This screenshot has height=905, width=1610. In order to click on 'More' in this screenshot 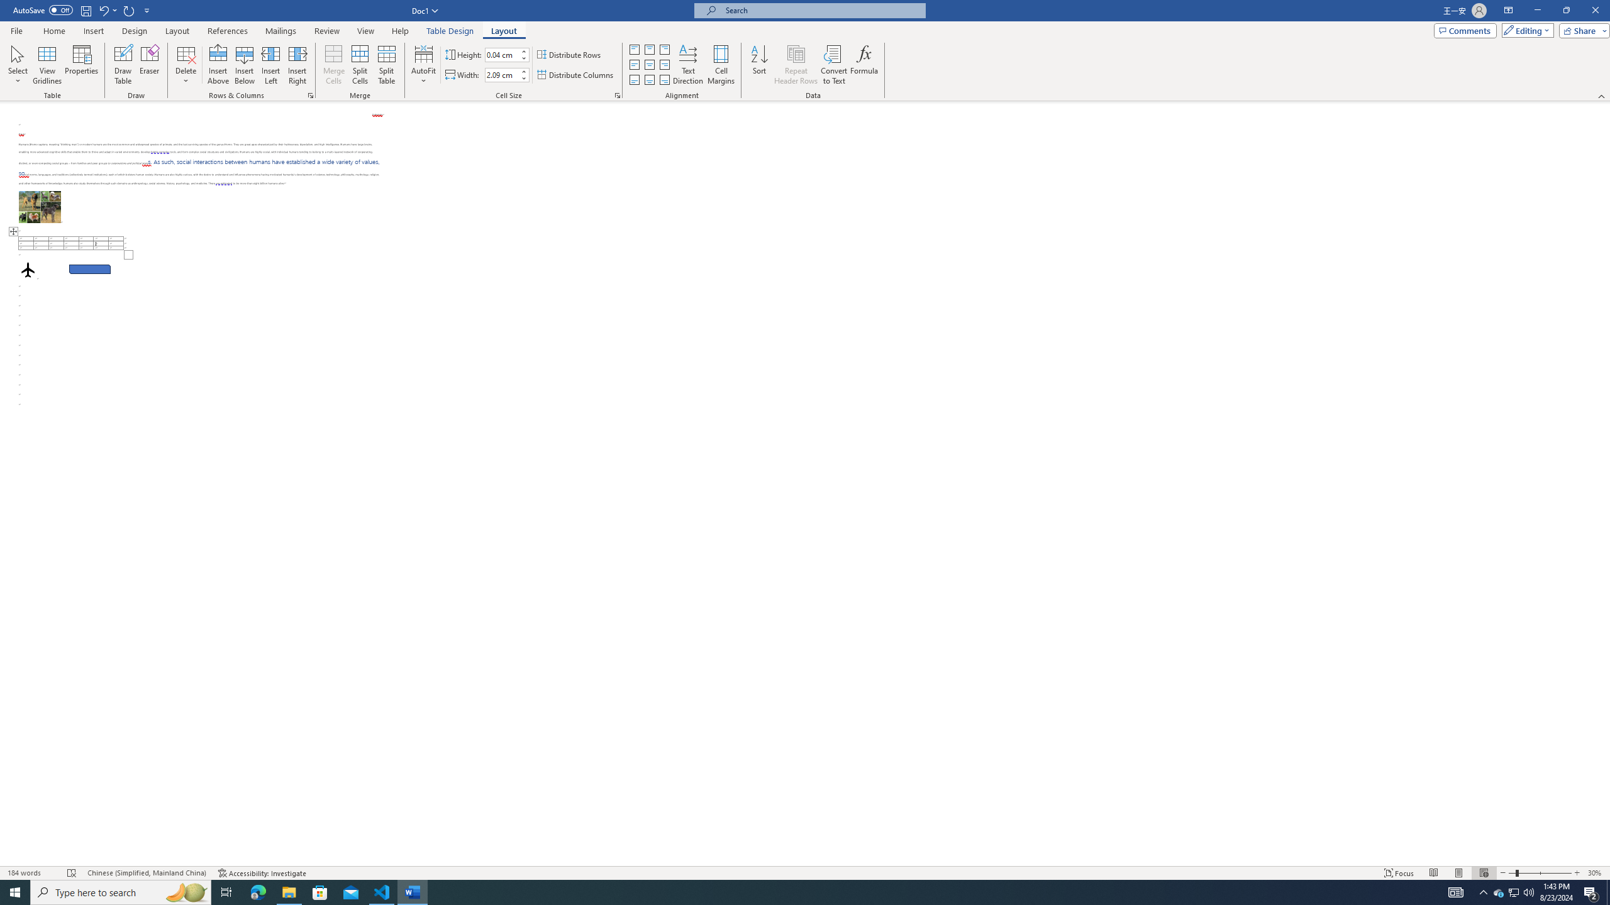, I will do `click(523, 72)`.